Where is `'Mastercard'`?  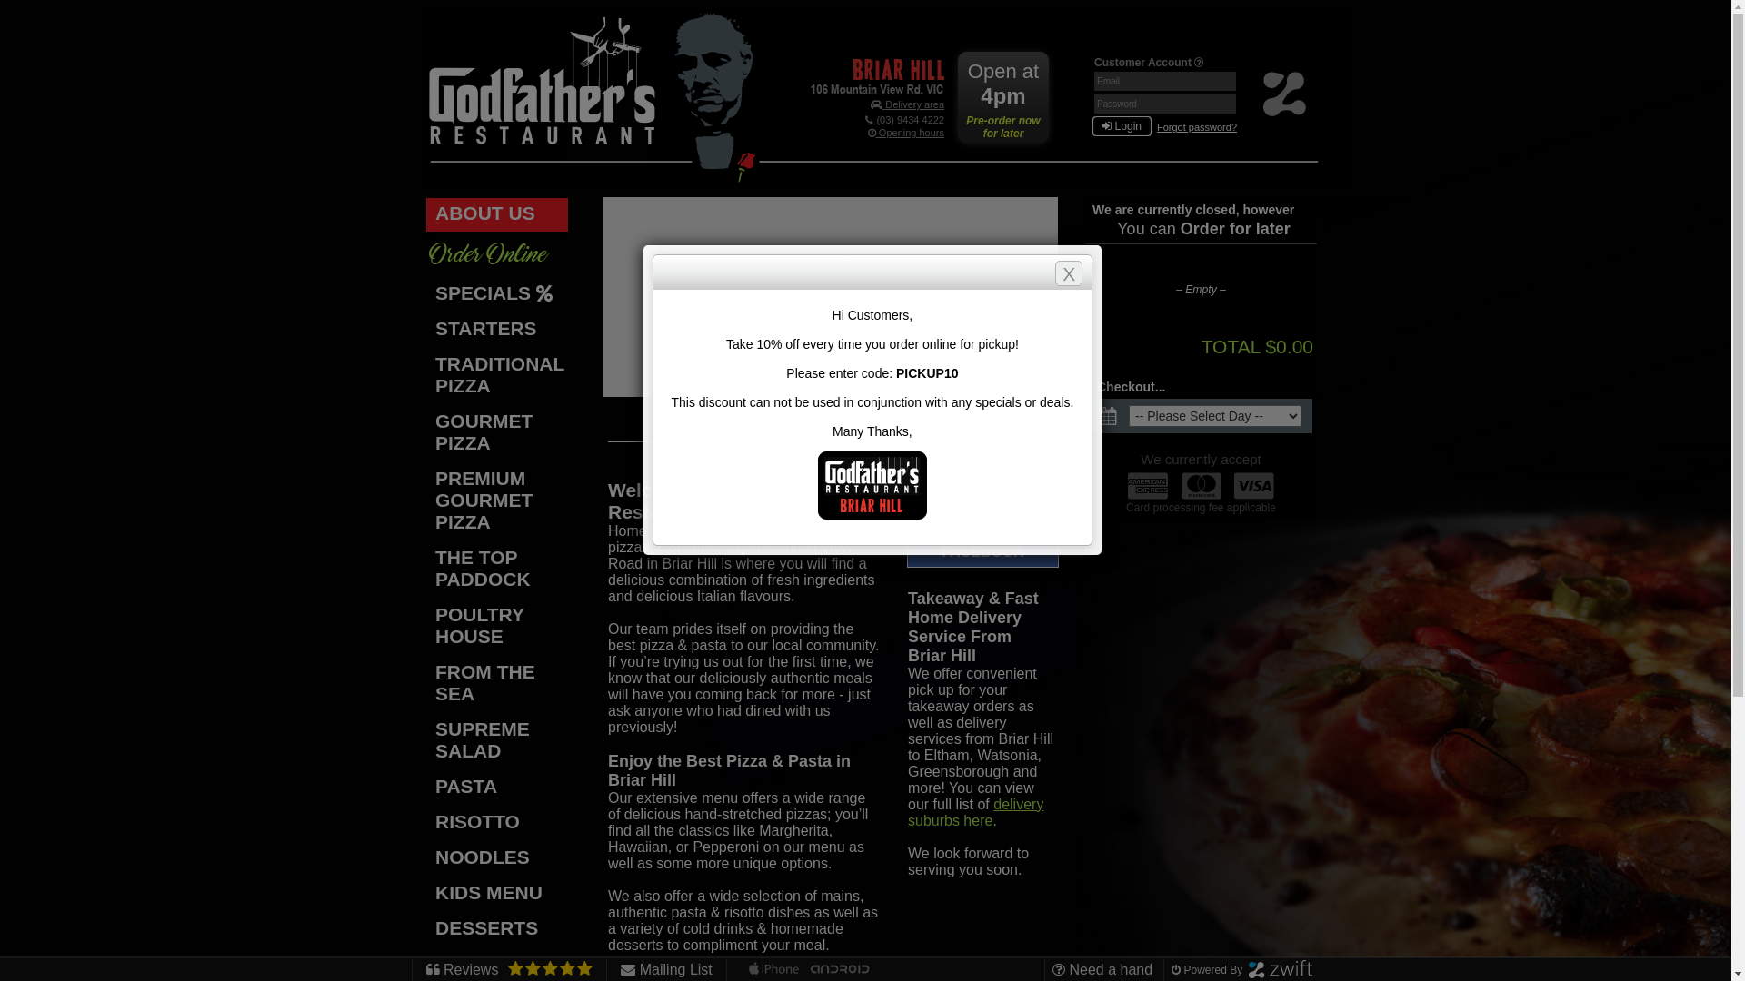
'Mastercard' is located at coordinates (1201, 485).